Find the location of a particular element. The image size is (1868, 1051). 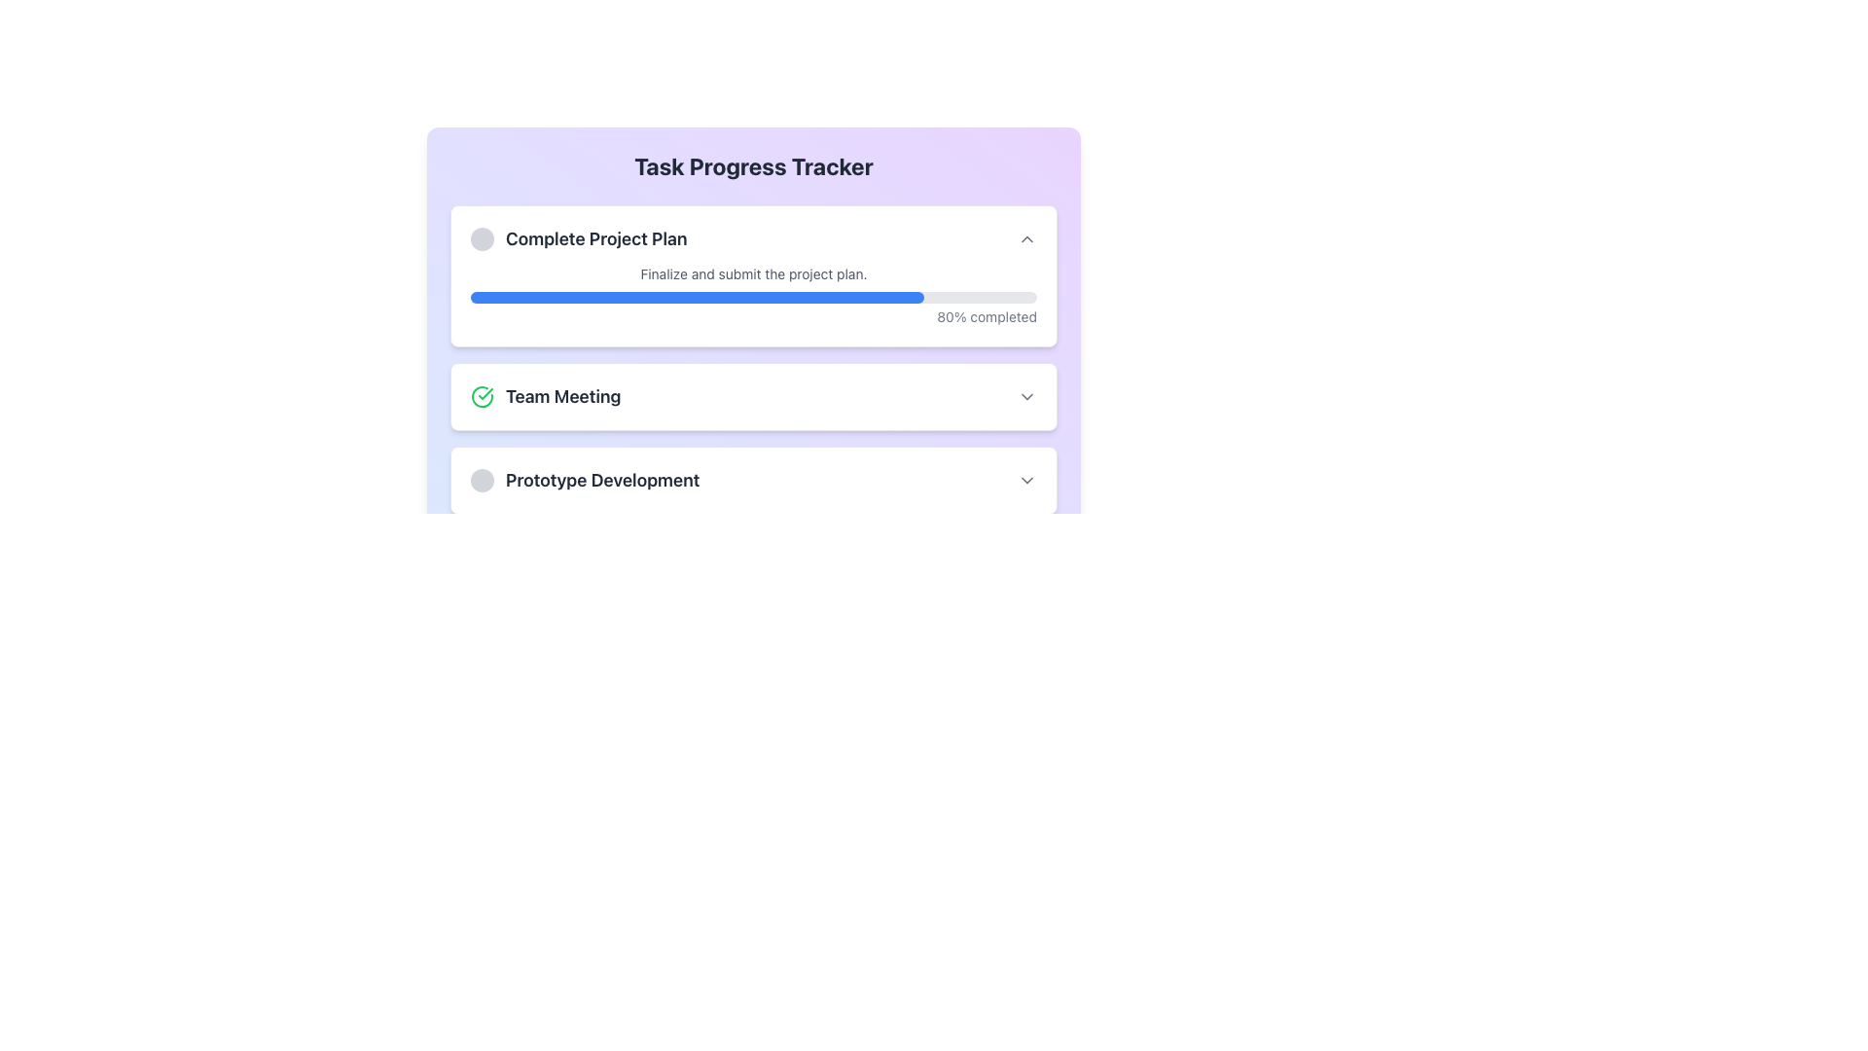

the small gray circular status indicator located to the left of the text label 'Prototype Development' in the third task card is located at coordinates (482, 480).